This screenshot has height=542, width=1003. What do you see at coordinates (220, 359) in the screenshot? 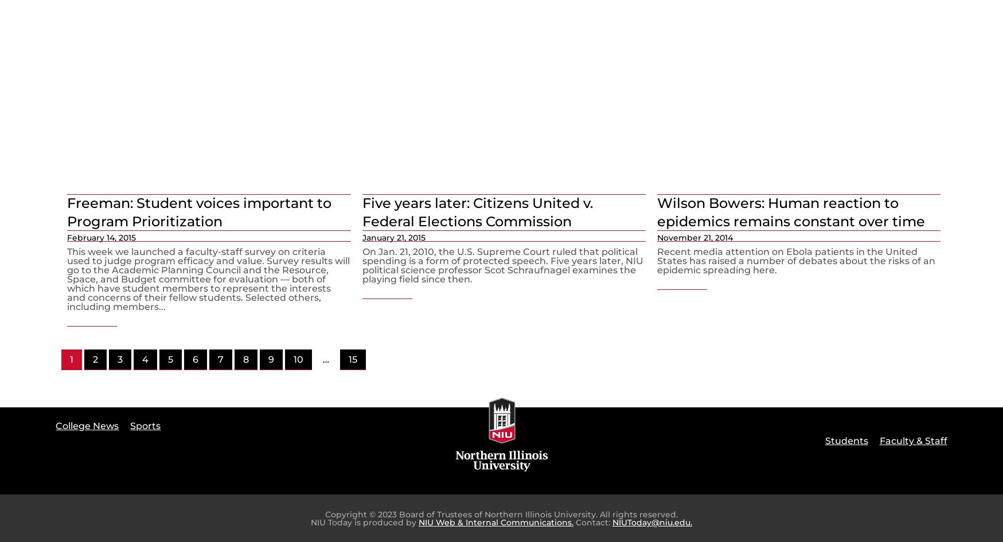
I see `'7'` at bounding box center [220, 359].